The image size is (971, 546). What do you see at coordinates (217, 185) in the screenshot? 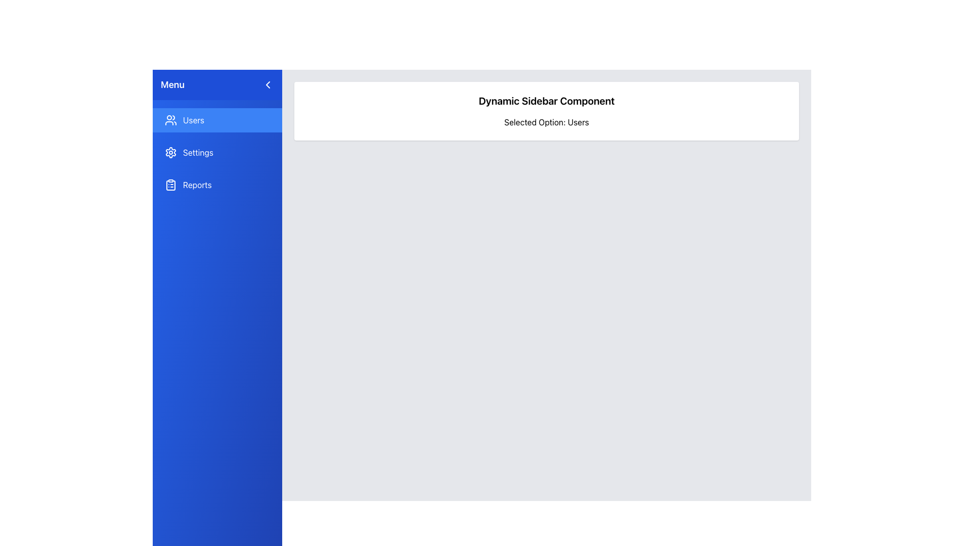
I see `the third button in the sidebar that navigates to the 'Reports' section` at bounding box center [217, 185].